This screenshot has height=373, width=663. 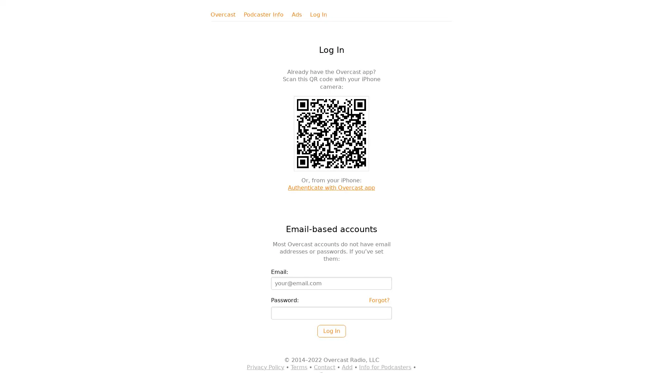 What do you see at coordinates (331, 331) in the screenshot?
I see `Log In` at bounding box center [331, 331].